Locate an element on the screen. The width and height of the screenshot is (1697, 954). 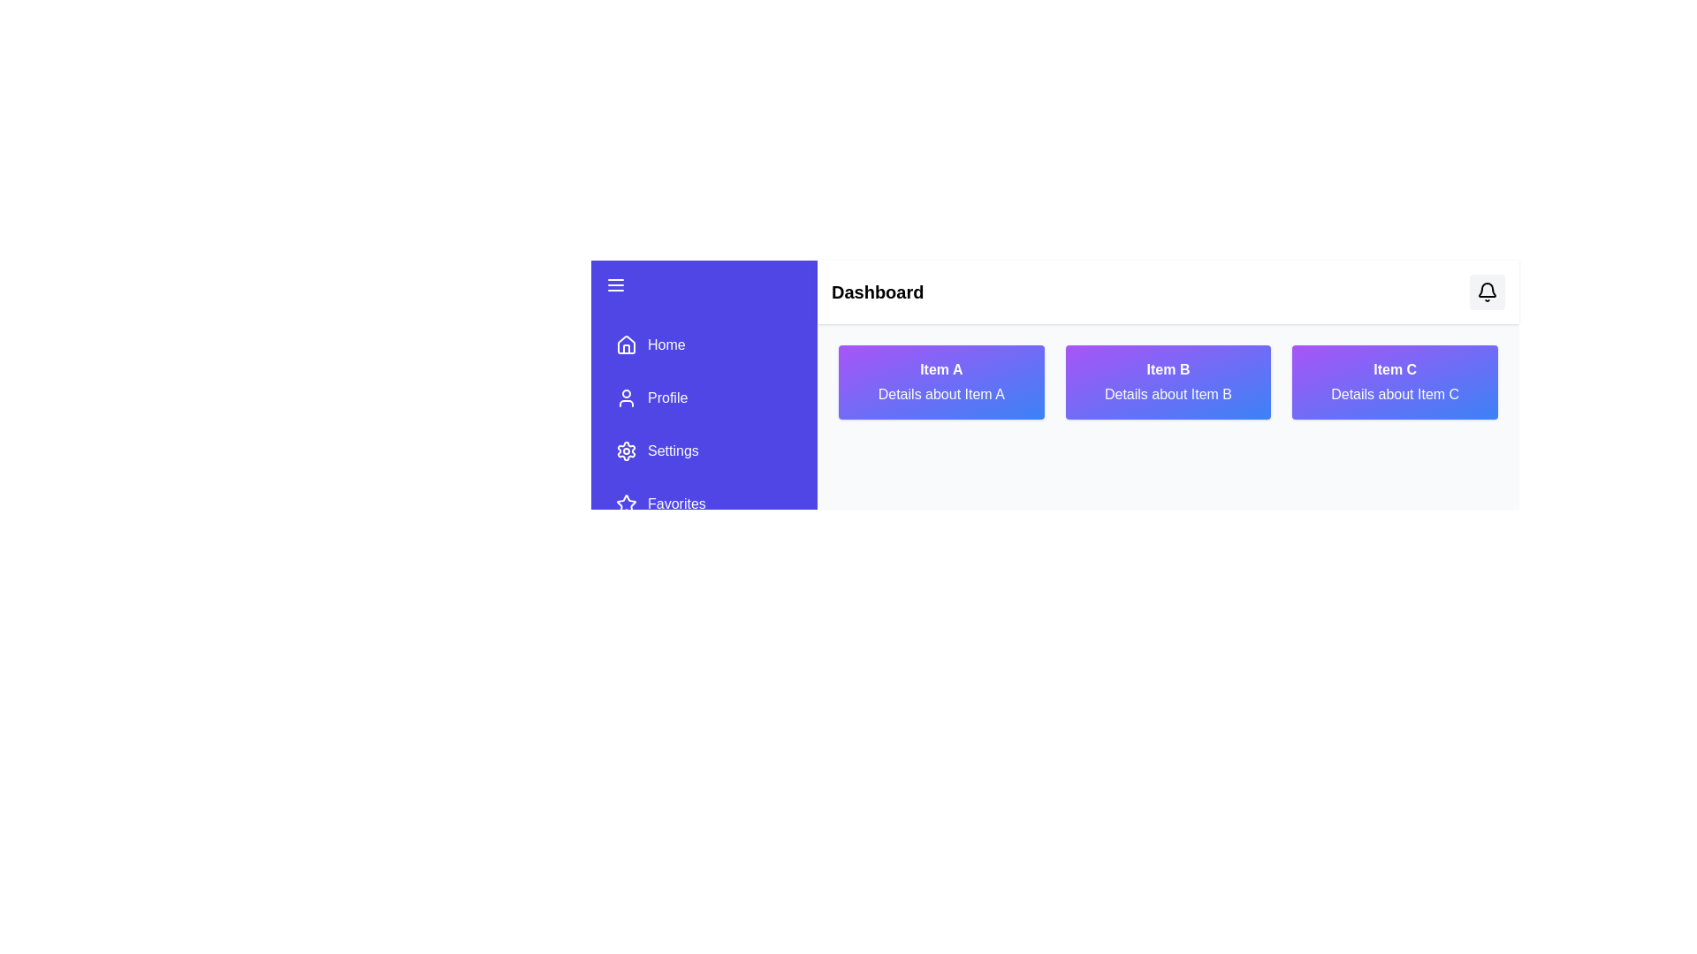
the third item in the vertical sidebar menu is located at coordinates (703, 450).